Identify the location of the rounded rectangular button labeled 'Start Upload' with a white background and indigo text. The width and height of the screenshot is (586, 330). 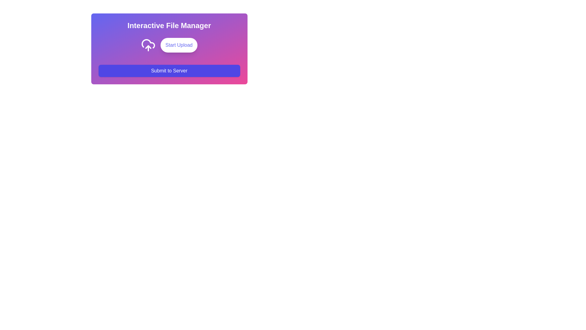
(179, 45).